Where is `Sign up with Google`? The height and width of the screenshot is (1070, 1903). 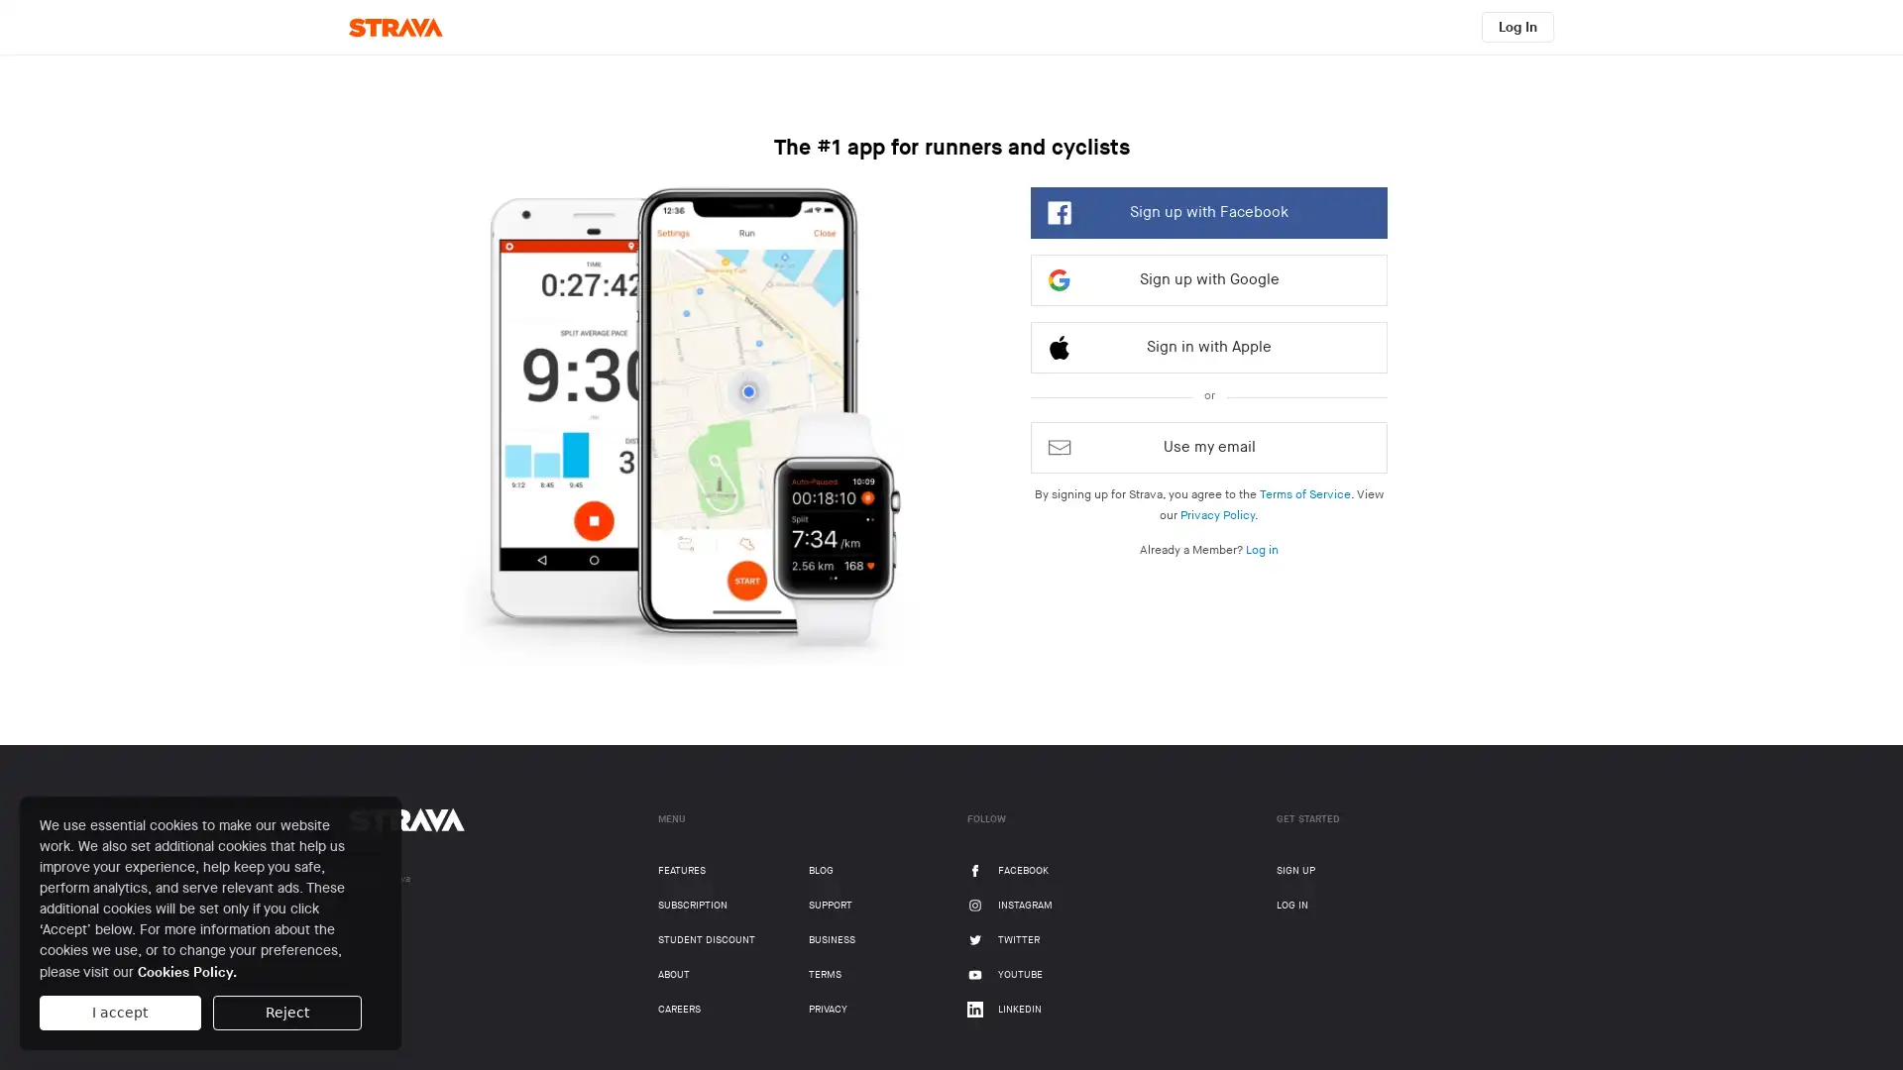
Sign up with Google is located at coordinates (1207, 279).